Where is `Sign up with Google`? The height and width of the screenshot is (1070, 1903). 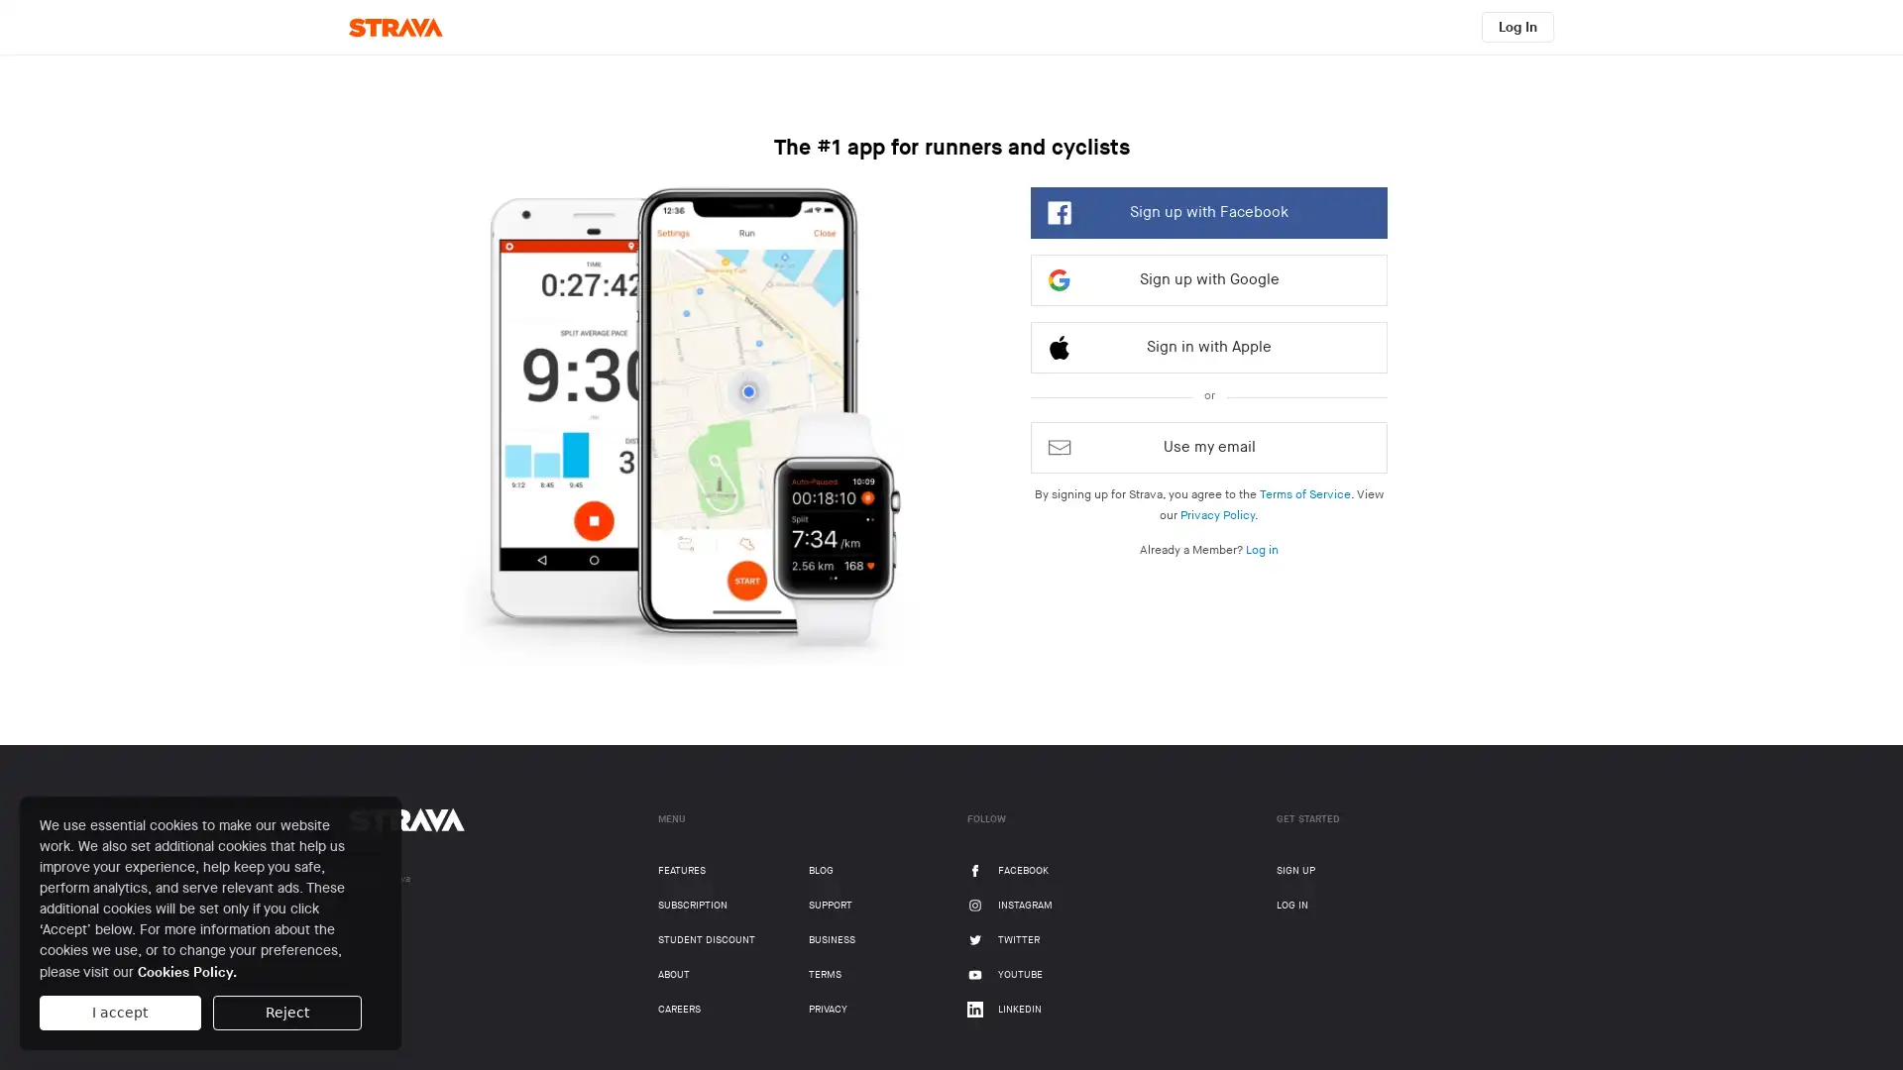
Sign up with Google is located at coordinates (1207, 279).